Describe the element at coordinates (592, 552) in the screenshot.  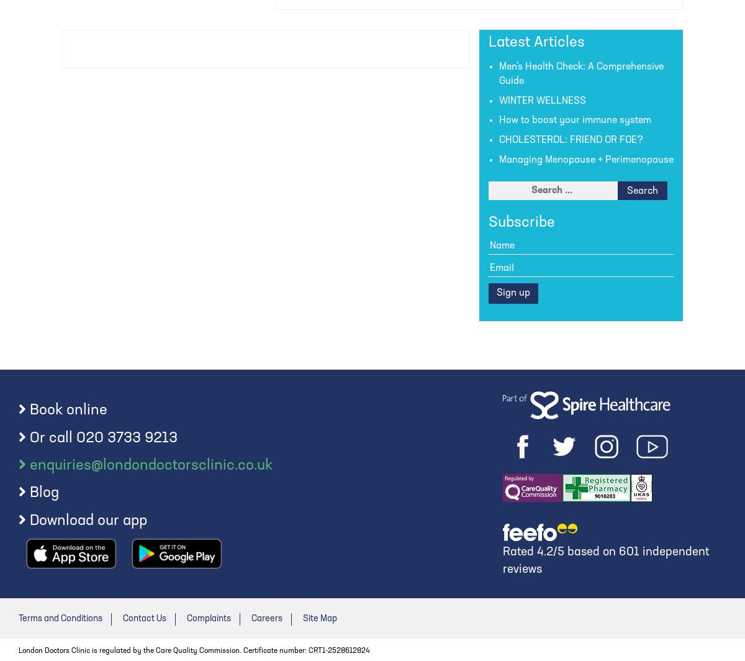
I see `'based on'` at that location.